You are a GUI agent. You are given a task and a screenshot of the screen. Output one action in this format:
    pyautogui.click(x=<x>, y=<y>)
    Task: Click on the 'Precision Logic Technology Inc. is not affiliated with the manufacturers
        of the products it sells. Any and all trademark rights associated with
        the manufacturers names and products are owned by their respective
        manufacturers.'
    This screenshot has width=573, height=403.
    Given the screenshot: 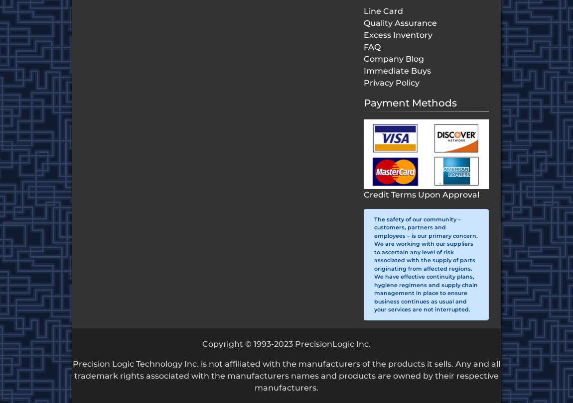 What is the action you would take?
    pyautogui.click(x=286, y=375)
    